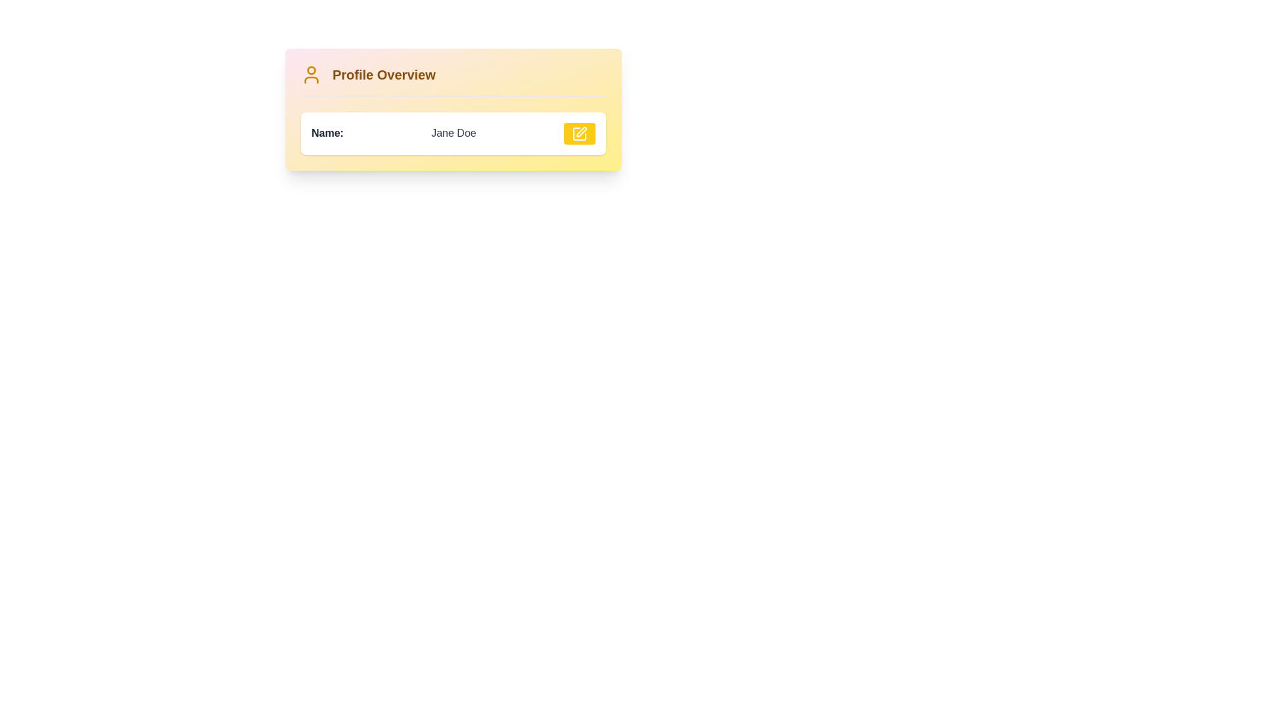  I want to click on the Icon button with a pen or pencil overlay located within the 'Profile Overview' card, to the right of the label 'Name:' to initiate an edit action, so click(579, 133).